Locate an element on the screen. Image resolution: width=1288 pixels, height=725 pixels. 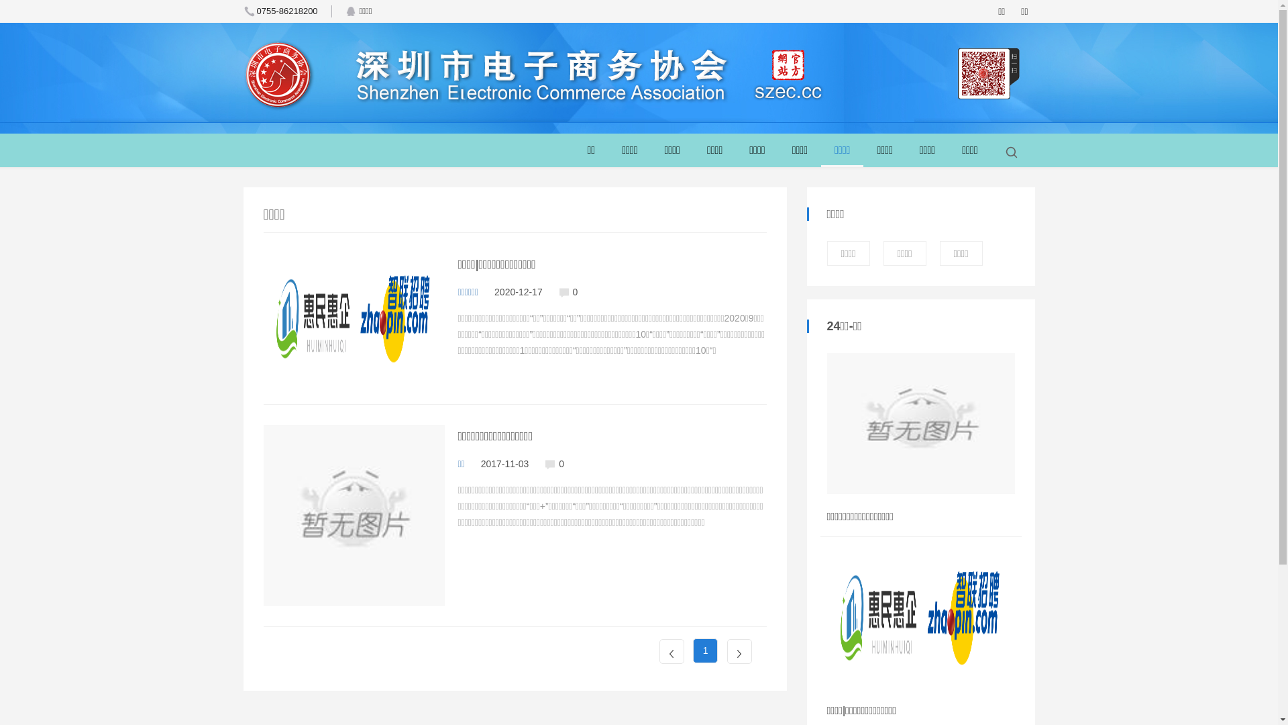
'1' is located at coordinates (704, 650).